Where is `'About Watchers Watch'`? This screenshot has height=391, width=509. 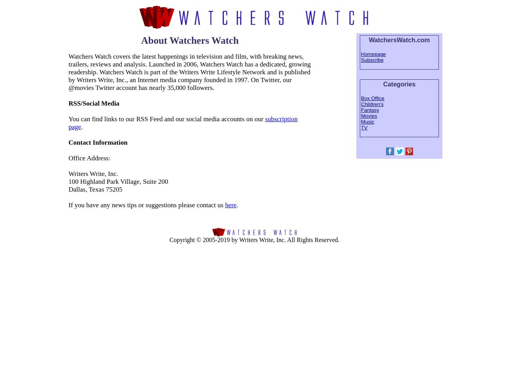
'About Watchers Watch' is located at coordinates (189, 40).